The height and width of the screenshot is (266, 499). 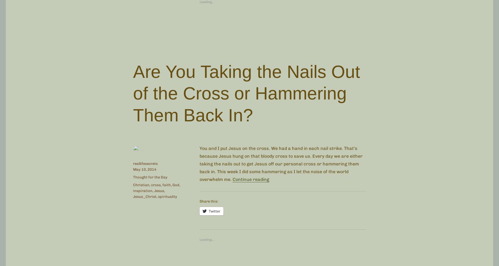 What do you see at coordinates (144, 196) in the screenshot?
I see `'Jesus_Christ'` at bounding box center [144, 196].